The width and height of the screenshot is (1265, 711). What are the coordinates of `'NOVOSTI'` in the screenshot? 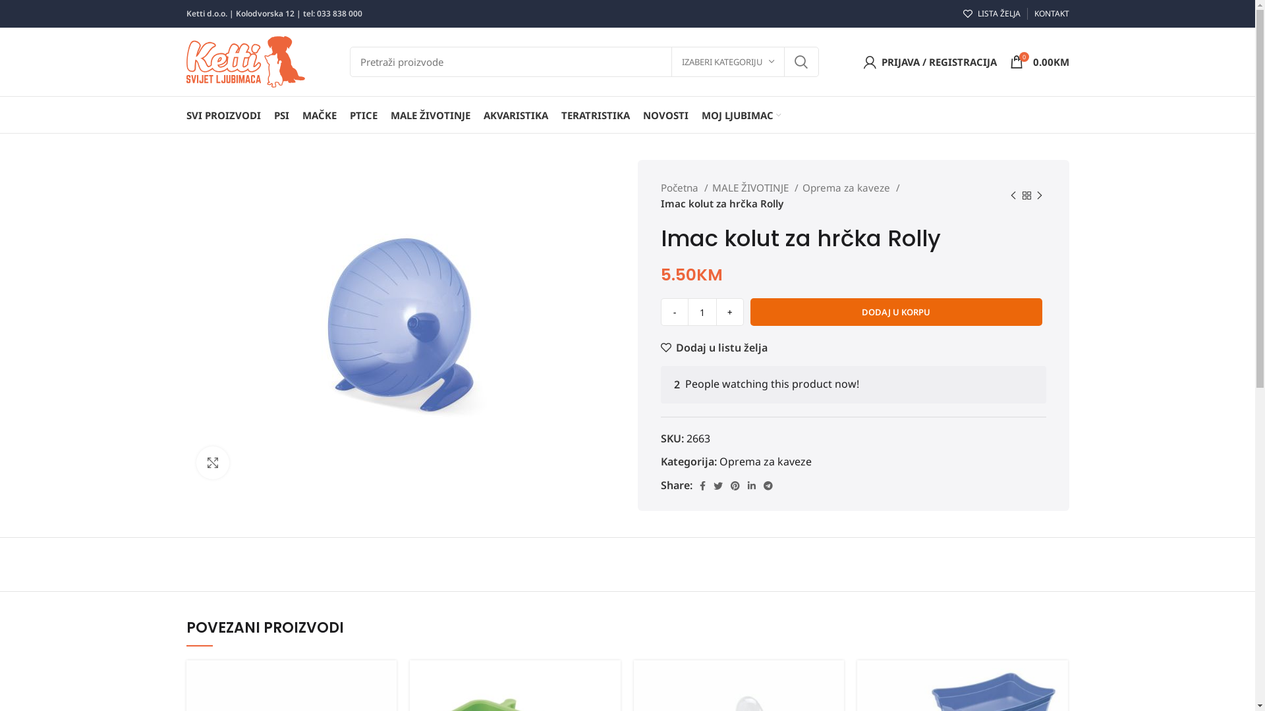 It's located at (636, 113).